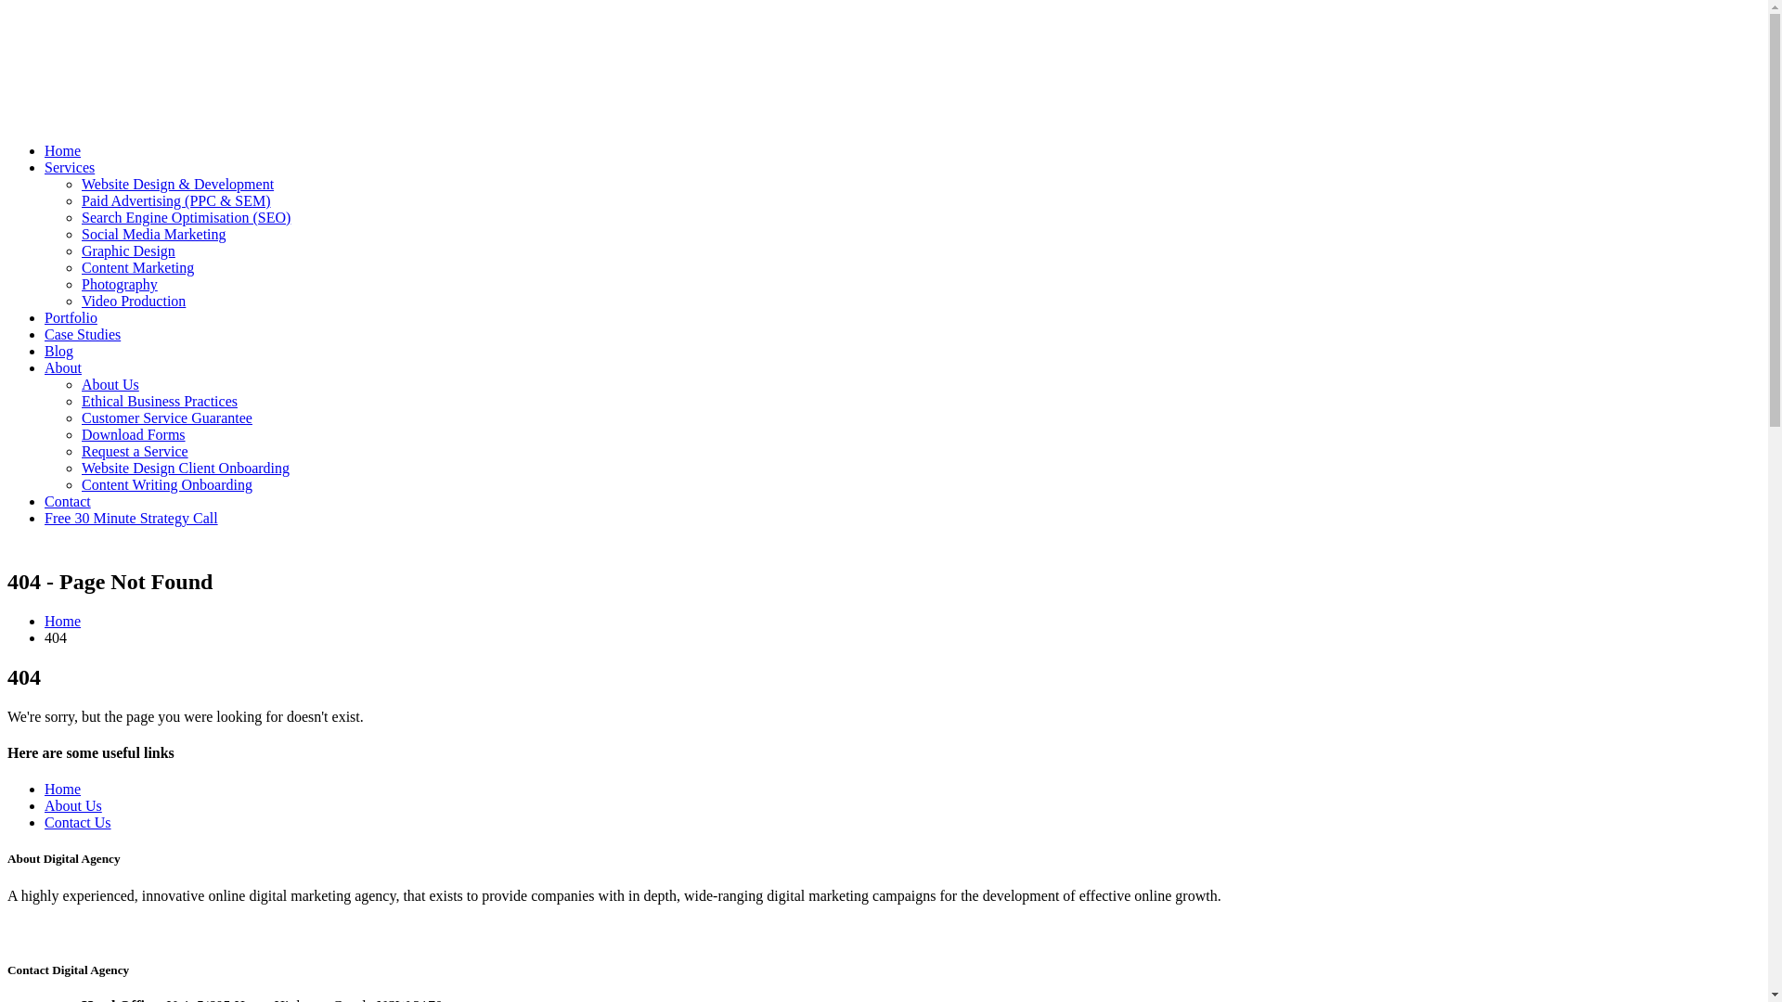  I want to click on 'Free 30 Minute Strategy Call', so click(130, 518).